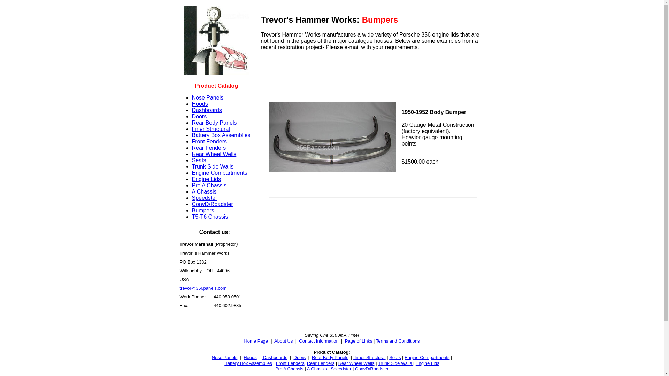 The width and height of the screenshot is (669, 376). Describe the element at coordinates (199, 104) in the screenshot. I see `'Hoods'` at that location.